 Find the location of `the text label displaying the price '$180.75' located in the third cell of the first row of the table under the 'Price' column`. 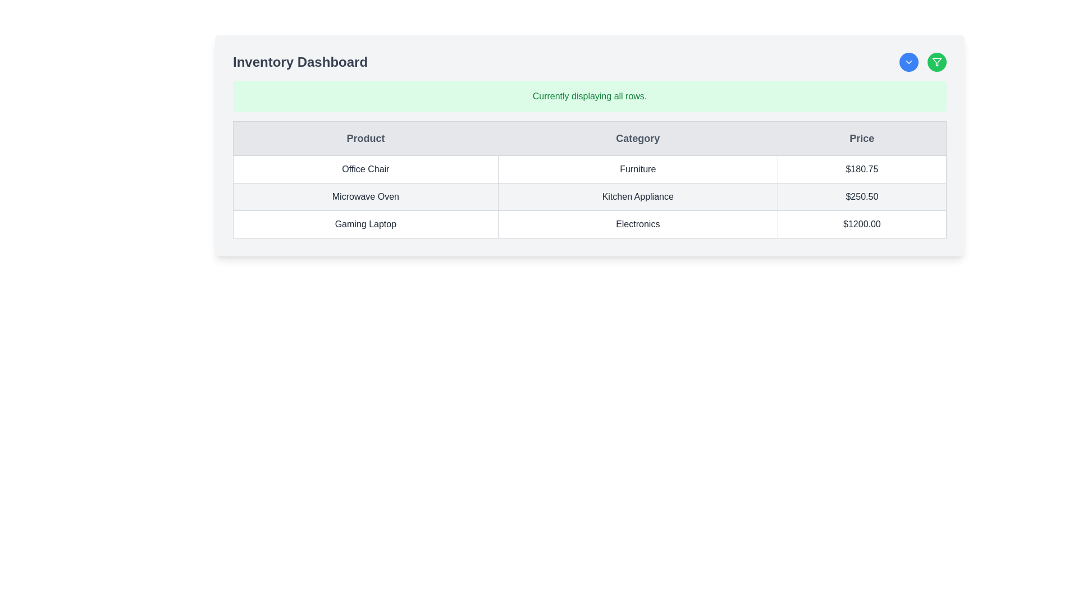

the text label displaying the price '$180.75' located in the third cell of the first row of the table under the 'Price' column is located at coordinates (861, 169).